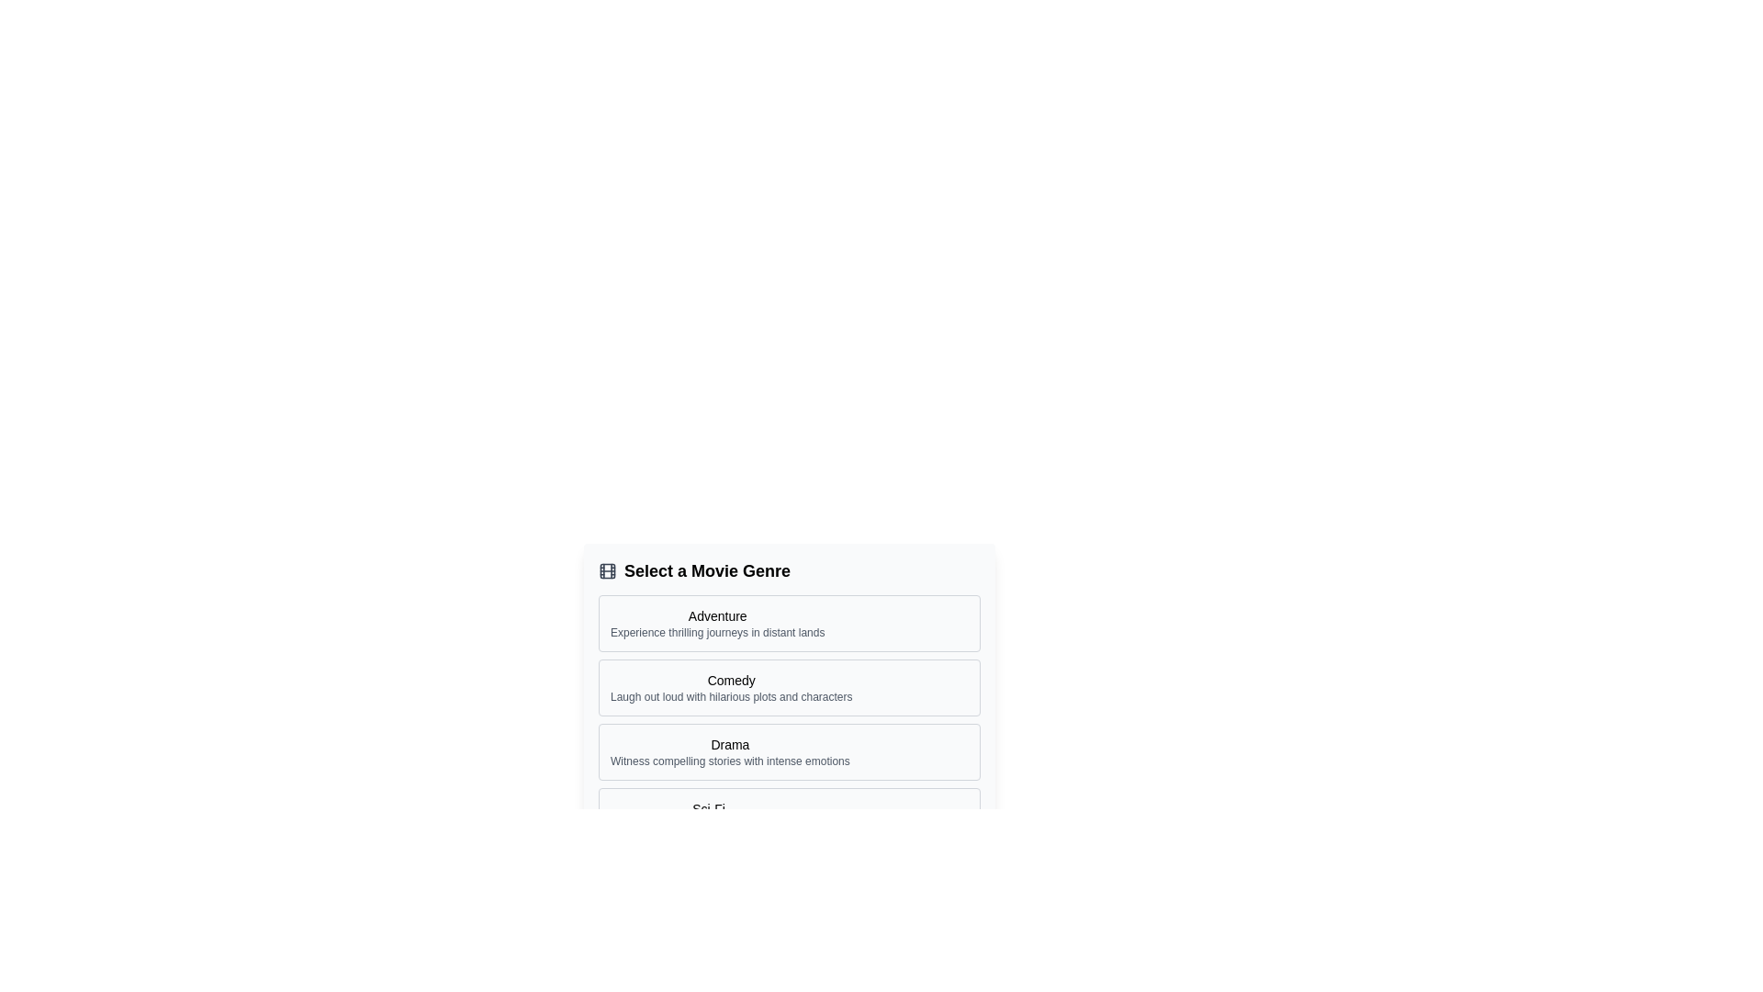 The image size is (1763, 992). Describe the element at coordinates (716, 622) in the screenshot. I see `the 'Adventure' button` at that location.